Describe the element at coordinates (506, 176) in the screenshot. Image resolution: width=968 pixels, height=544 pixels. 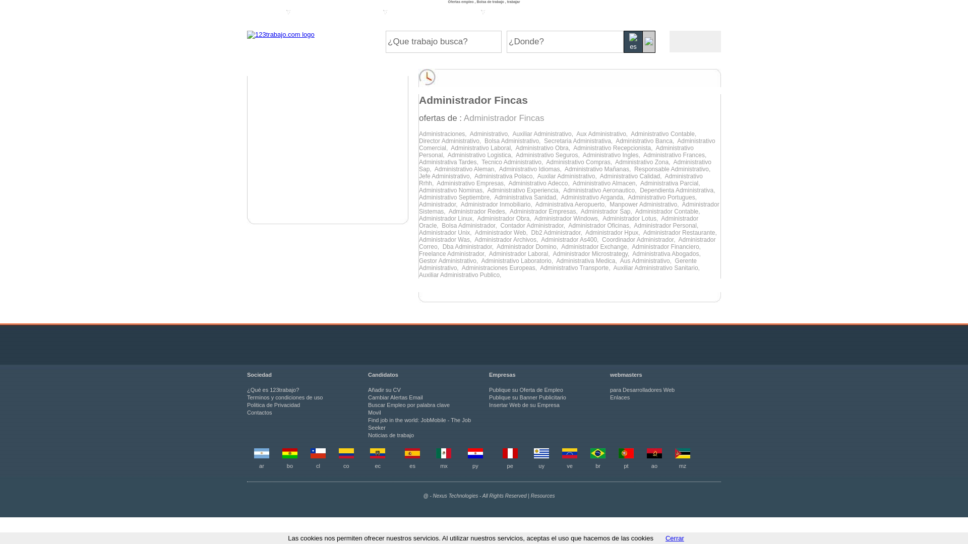
I see `'Administrativa Polaco, '` at that location.